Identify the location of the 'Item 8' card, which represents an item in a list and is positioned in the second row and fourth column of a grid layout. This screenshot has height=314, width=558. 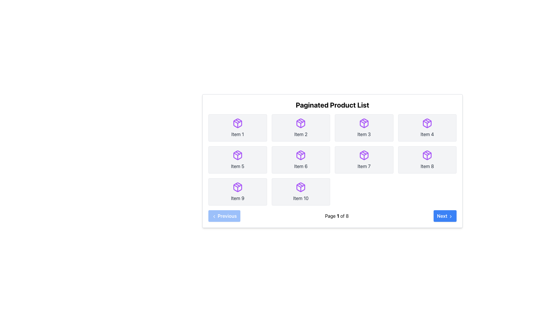
(427, 160).